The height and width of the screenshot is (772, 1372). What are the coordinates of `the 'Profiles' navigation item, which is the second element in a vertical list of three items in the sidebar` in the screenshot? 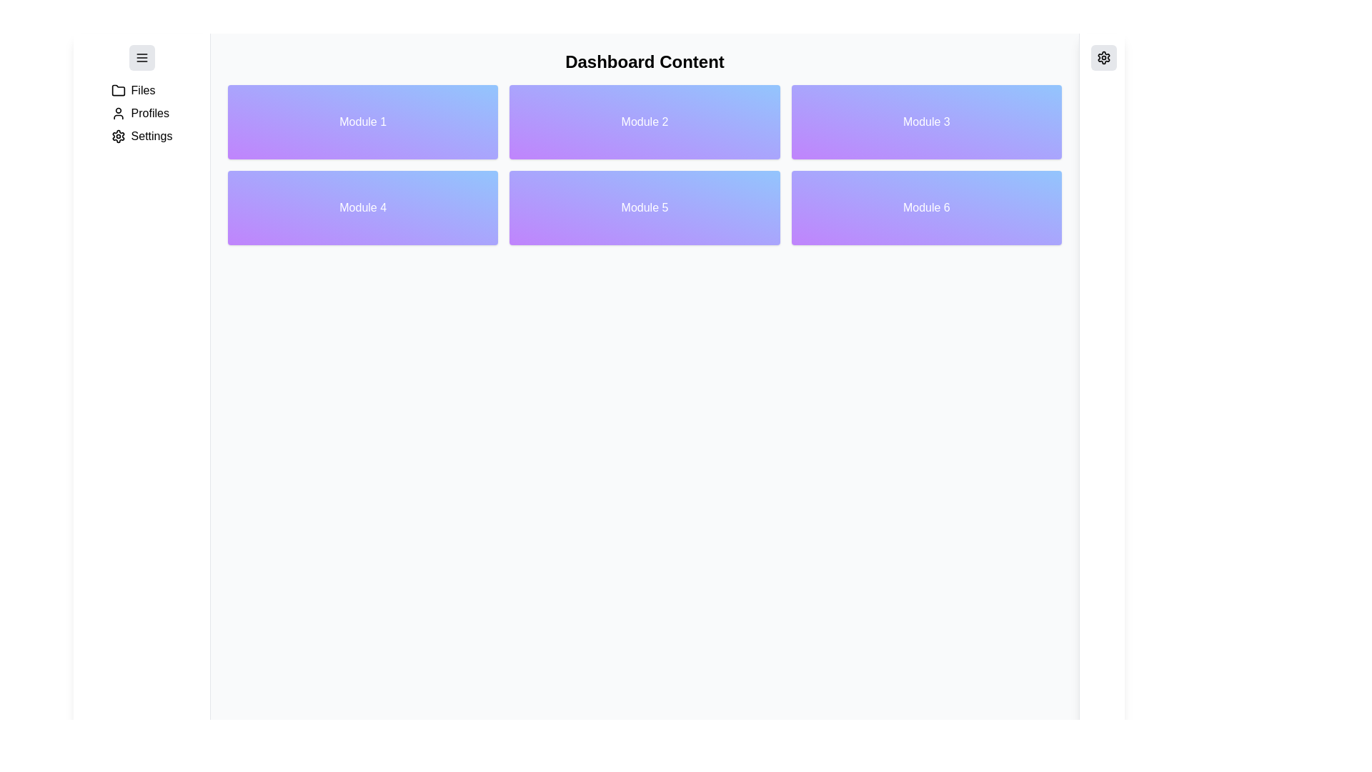 It's located at (141, 112).